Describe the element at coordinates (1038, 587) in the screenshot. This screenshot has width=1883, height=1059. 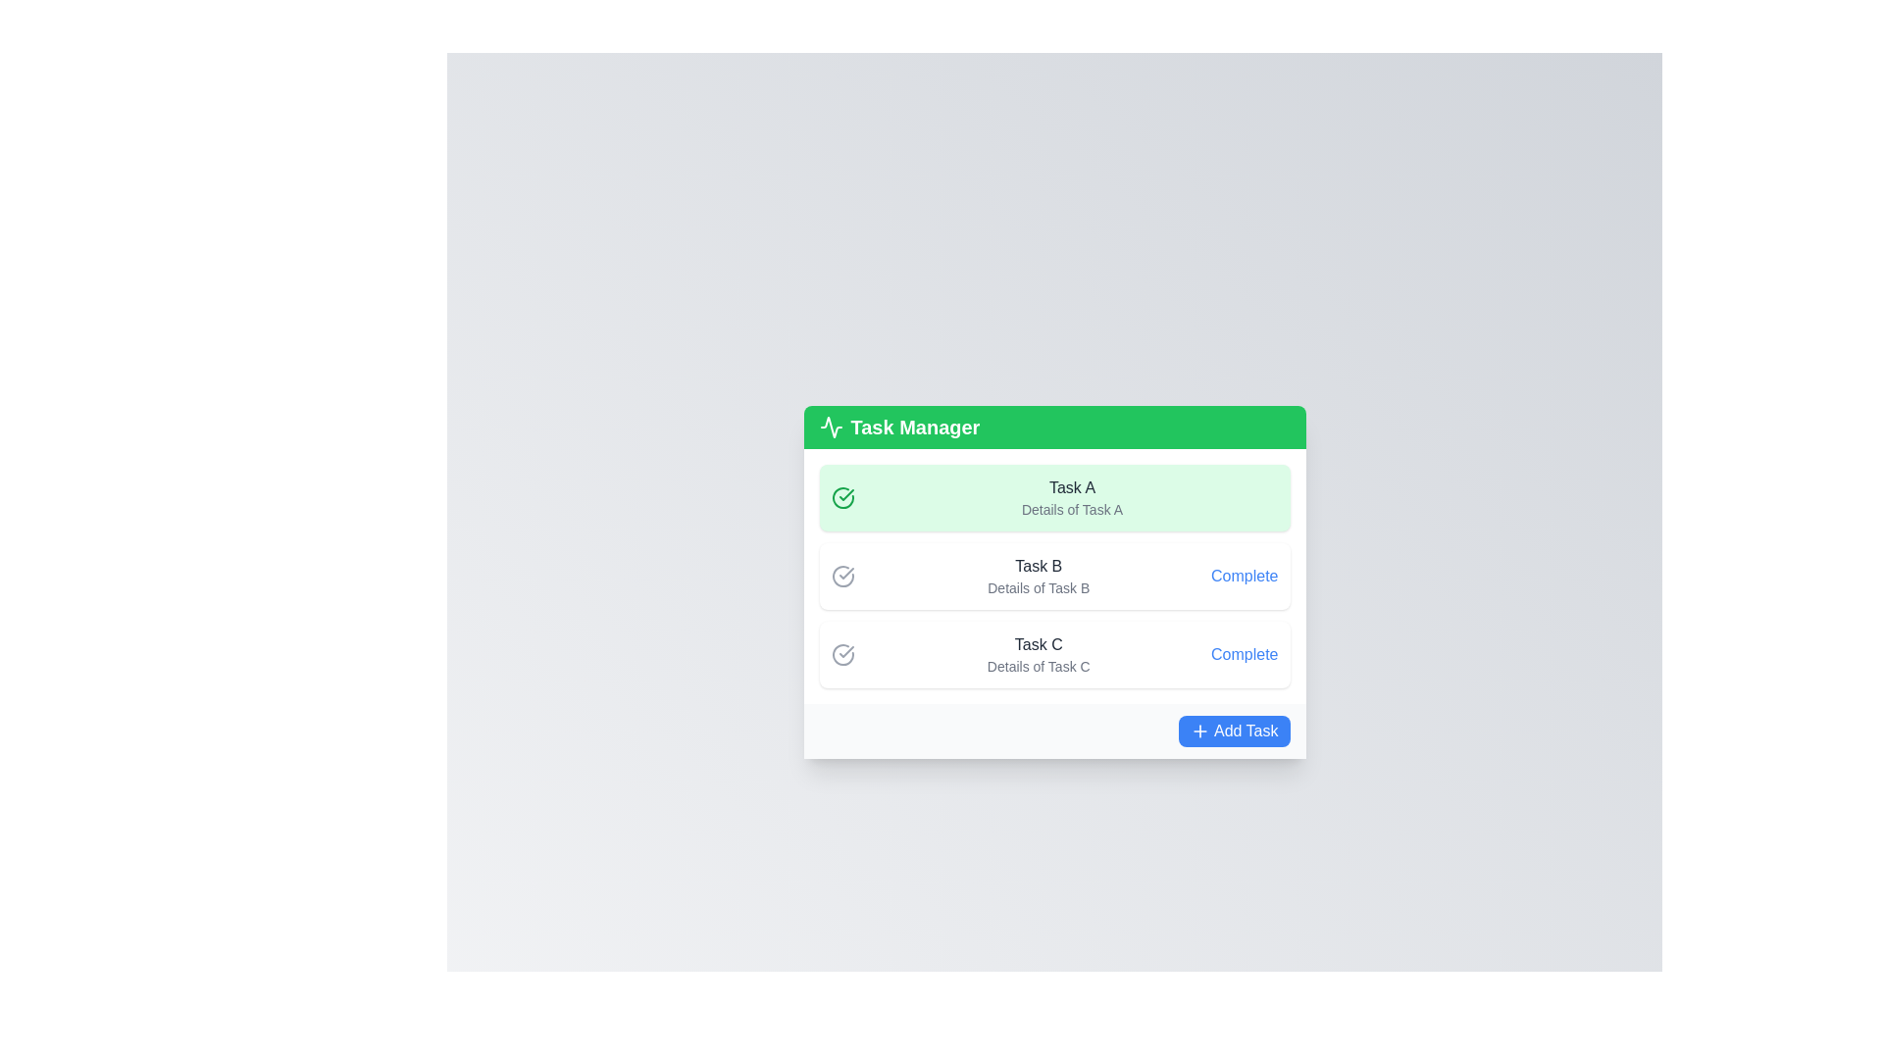
I see `the label displaying 'Details of Task B', which is styled with a smaller font size and subdued gray color, located below the bold text 'Task B'` at that location.